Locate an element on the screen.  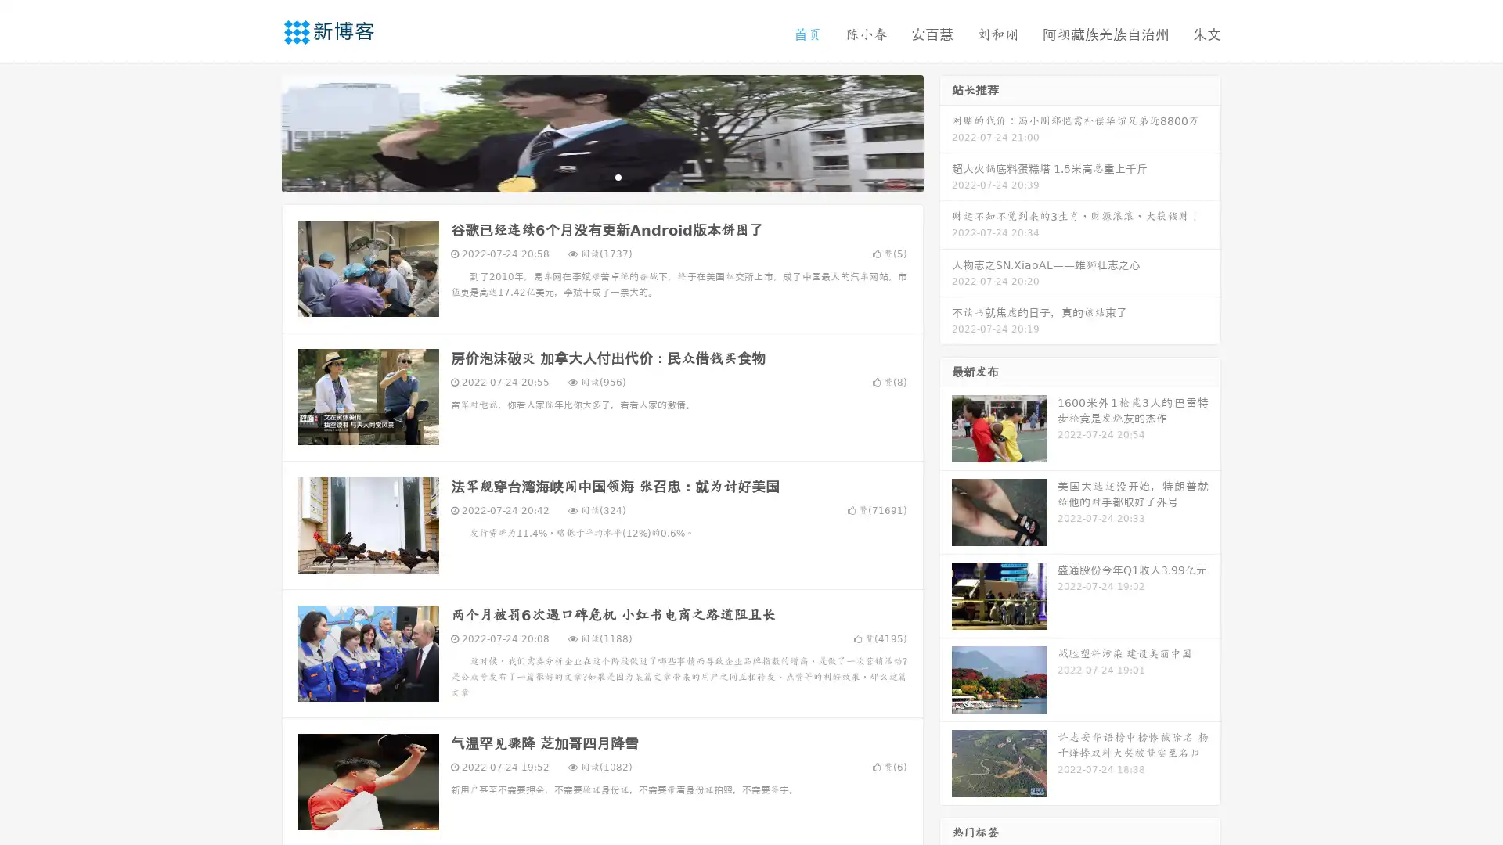
Go to slide 2 is located at coordinates (601, 176).